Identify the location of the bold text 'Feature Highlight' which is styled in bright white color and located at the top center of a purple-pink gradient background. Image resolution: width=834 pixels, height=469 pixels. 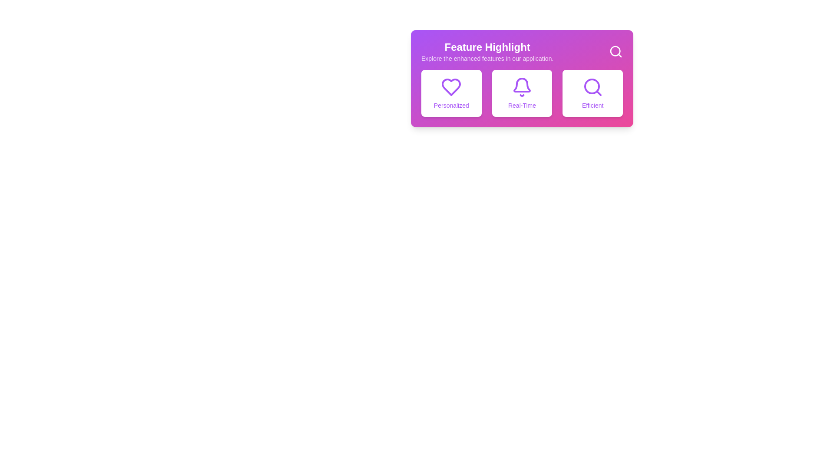
(487, 47).